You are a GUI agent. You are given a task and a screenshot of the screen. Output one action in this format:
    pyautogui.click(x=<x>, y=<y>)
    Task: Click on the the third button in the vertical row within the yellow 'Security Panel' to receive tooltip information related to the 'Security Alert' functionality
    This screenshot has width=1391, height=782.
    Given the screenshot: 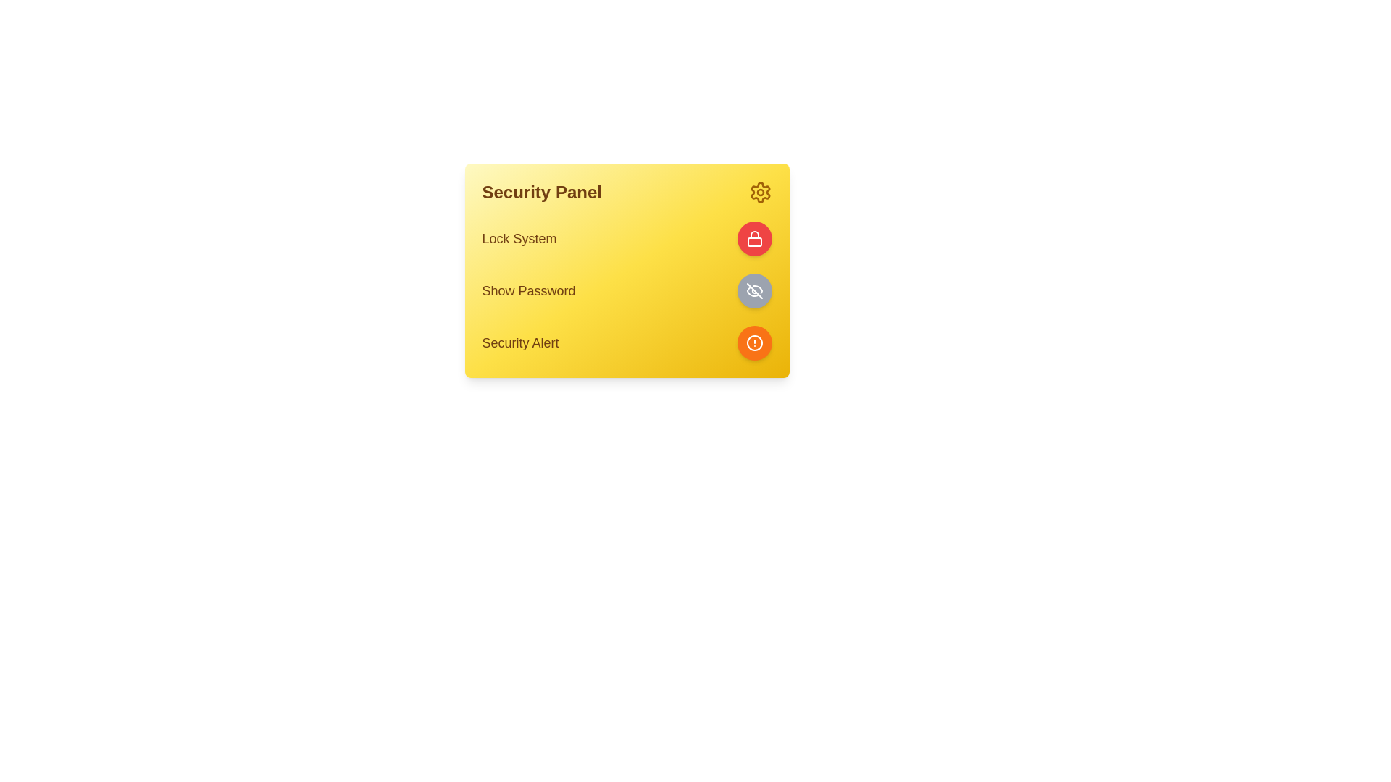 What is the action you would take?
    pyautogui.click(x=753, y=343)
    